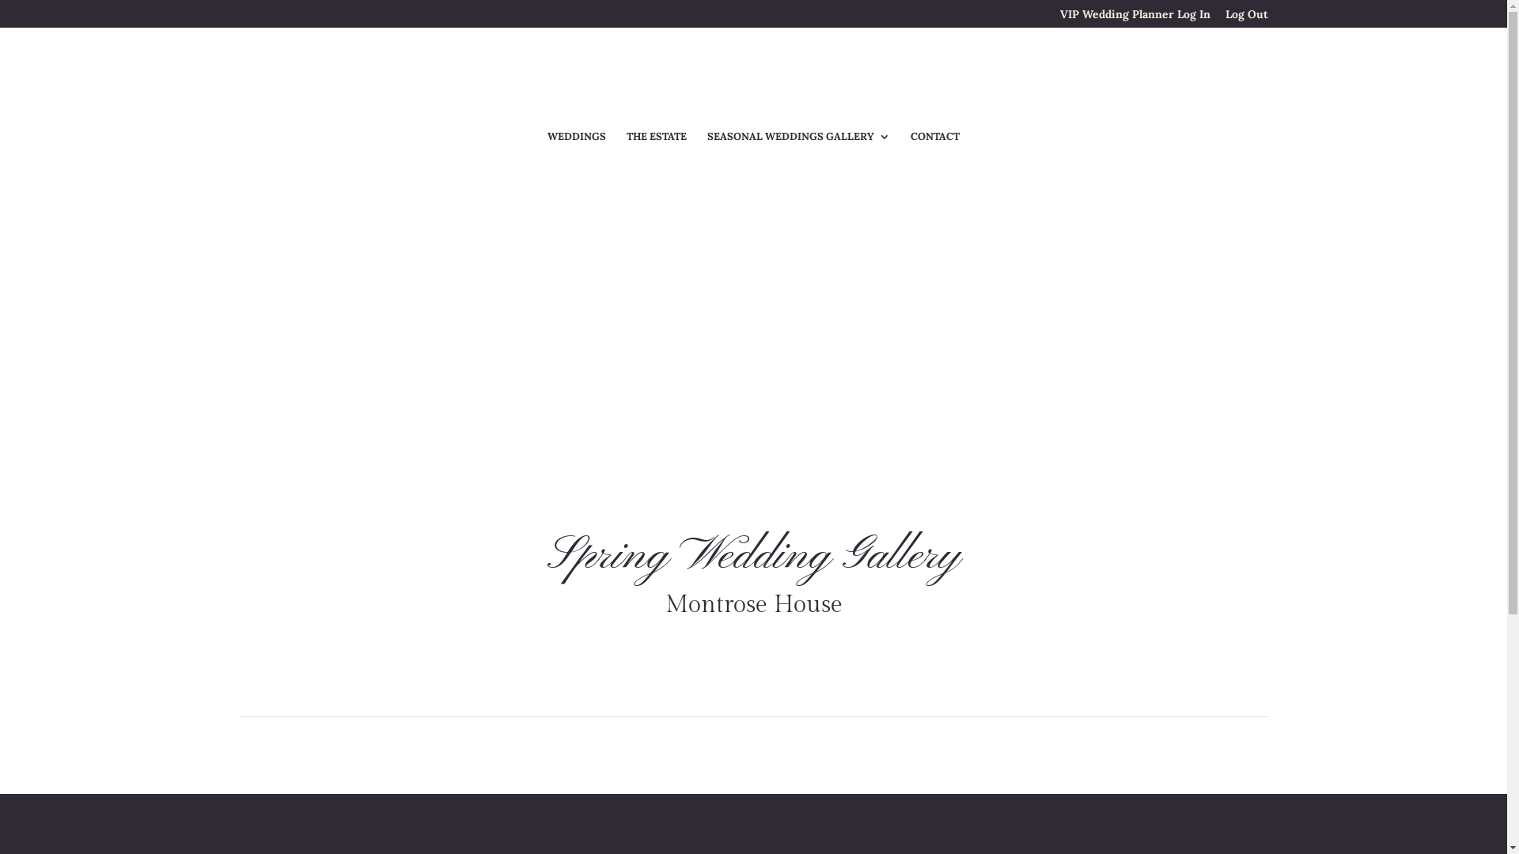 This screenshot has width=1519, height=854. I want to click on 'SEASONAL WEDDINGS GALLERY', so click(798, 145).